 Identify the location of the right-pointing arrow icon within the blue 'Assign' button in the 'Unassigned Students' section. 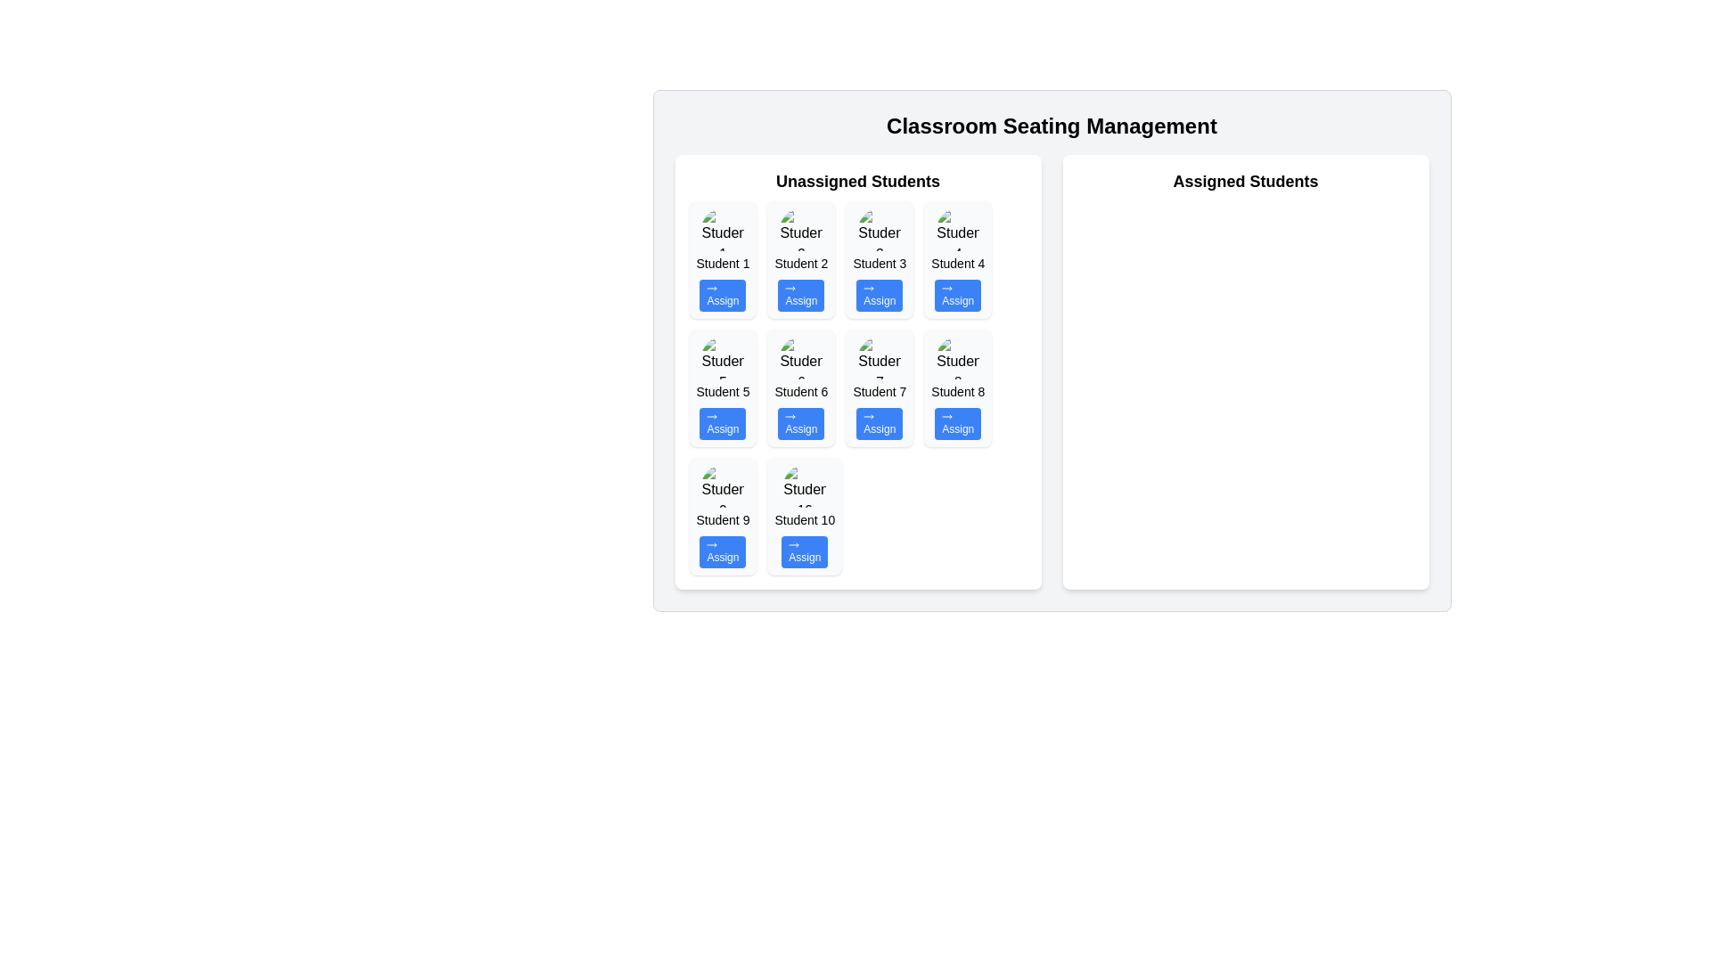
(790, 288).